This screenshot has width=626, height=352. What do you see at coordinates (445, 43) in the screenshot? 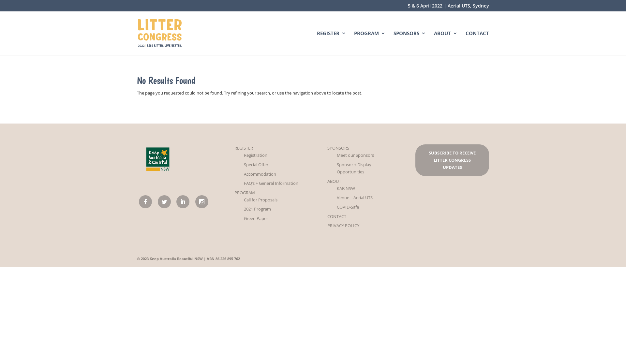
I see `'ABOUT'` at bounding box center [445, 43].